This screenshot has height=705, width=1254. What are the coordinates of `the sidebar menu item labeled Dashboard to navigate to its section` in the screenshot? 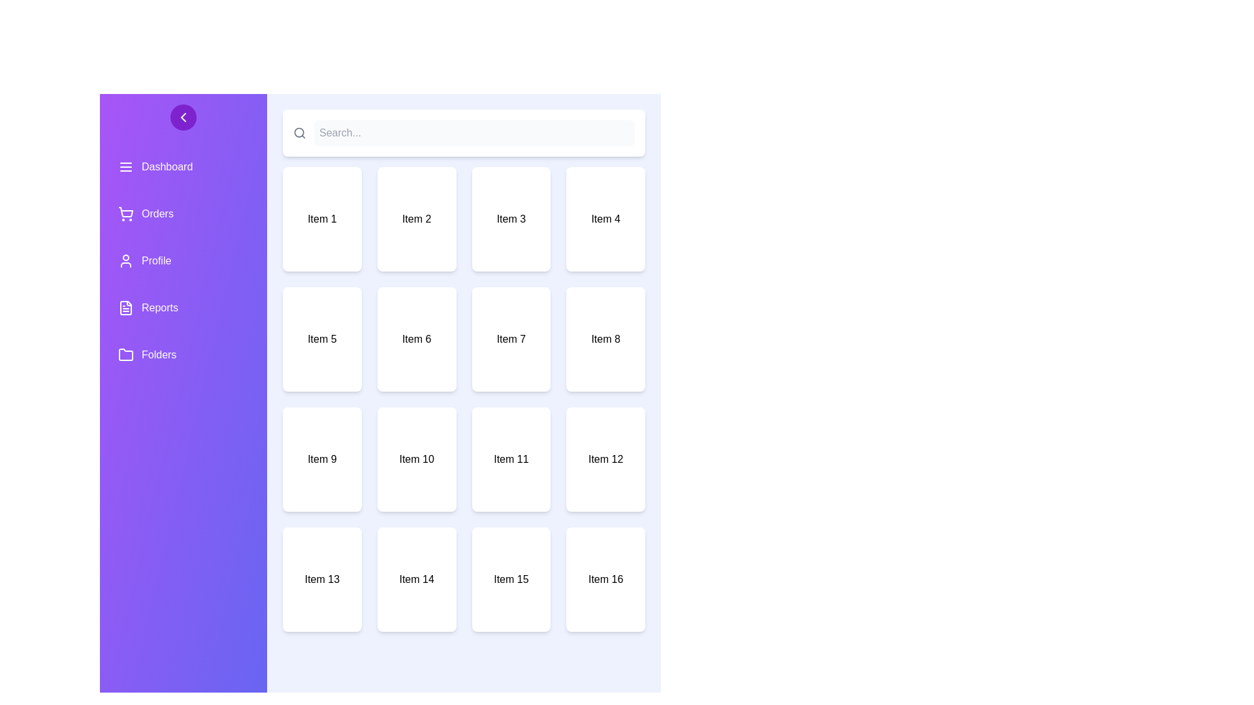 It's located at (183, 166).